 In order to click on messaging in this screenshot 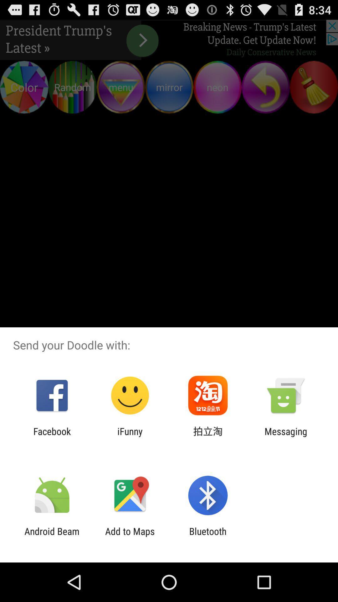, I will do `click(286, 436)`.